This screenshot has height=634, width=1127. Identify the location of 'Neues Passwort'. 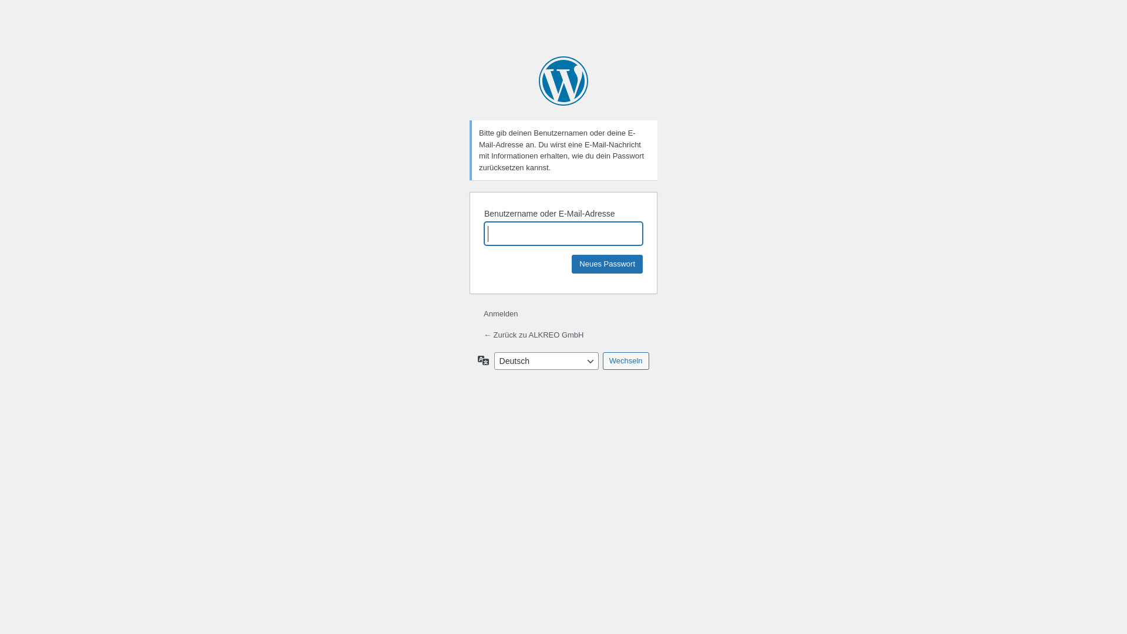
(607, 264).